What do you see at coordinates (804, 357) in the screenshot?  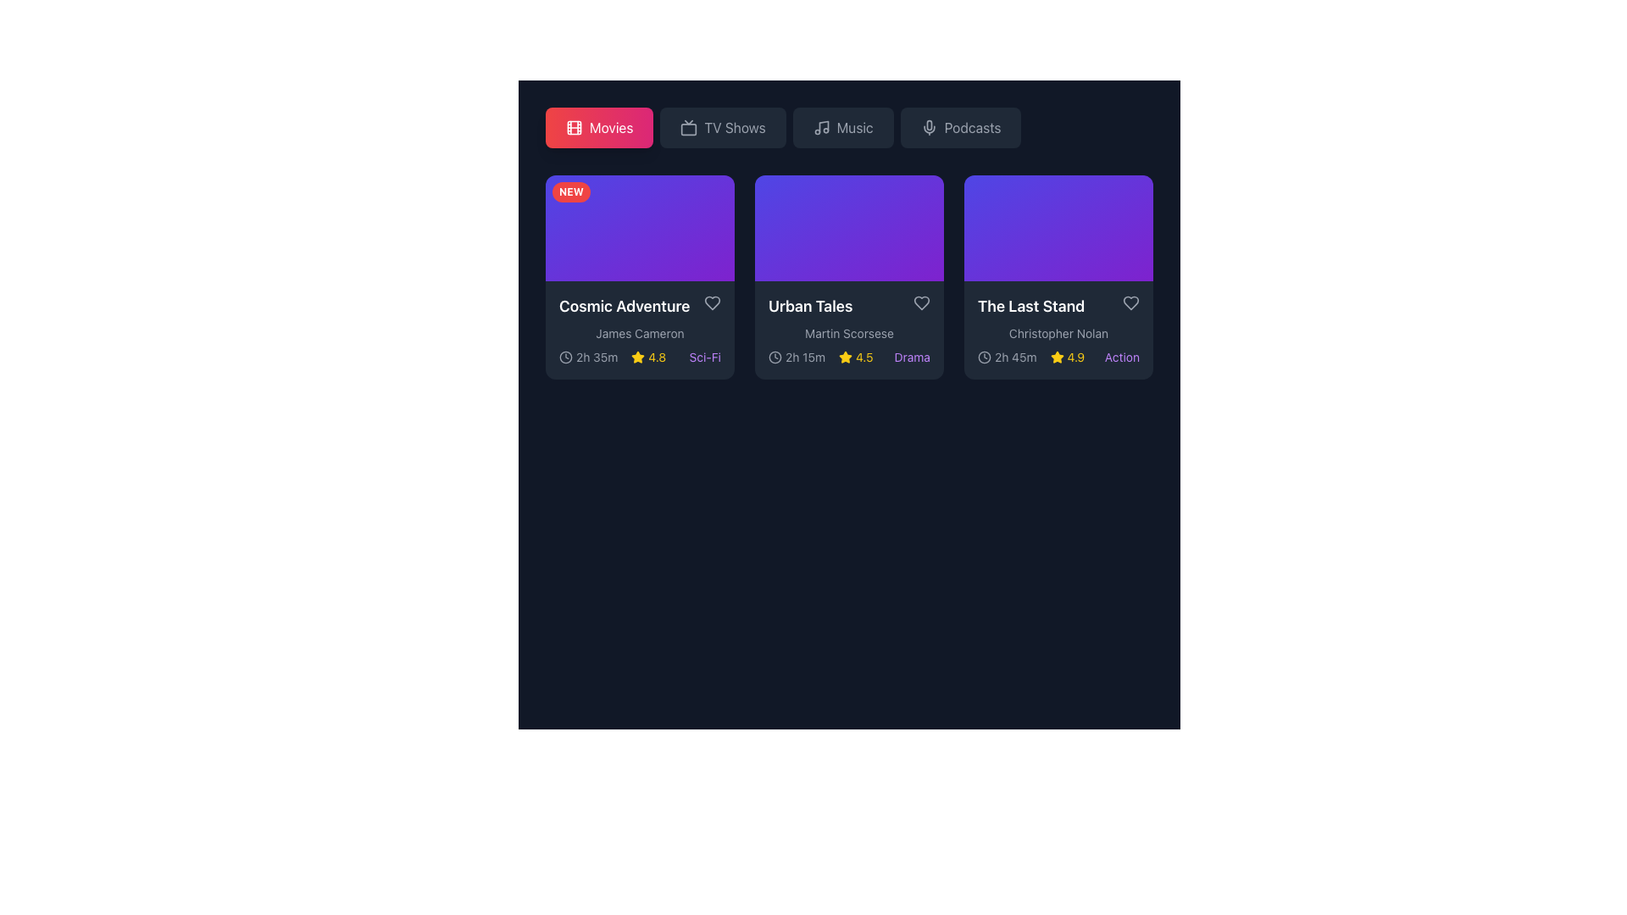 I see `the text label displaying the duration of the movie located in the bottom-left corner of the middle card in a horizontally aligned set of cards` at bounding box center [804, 357].